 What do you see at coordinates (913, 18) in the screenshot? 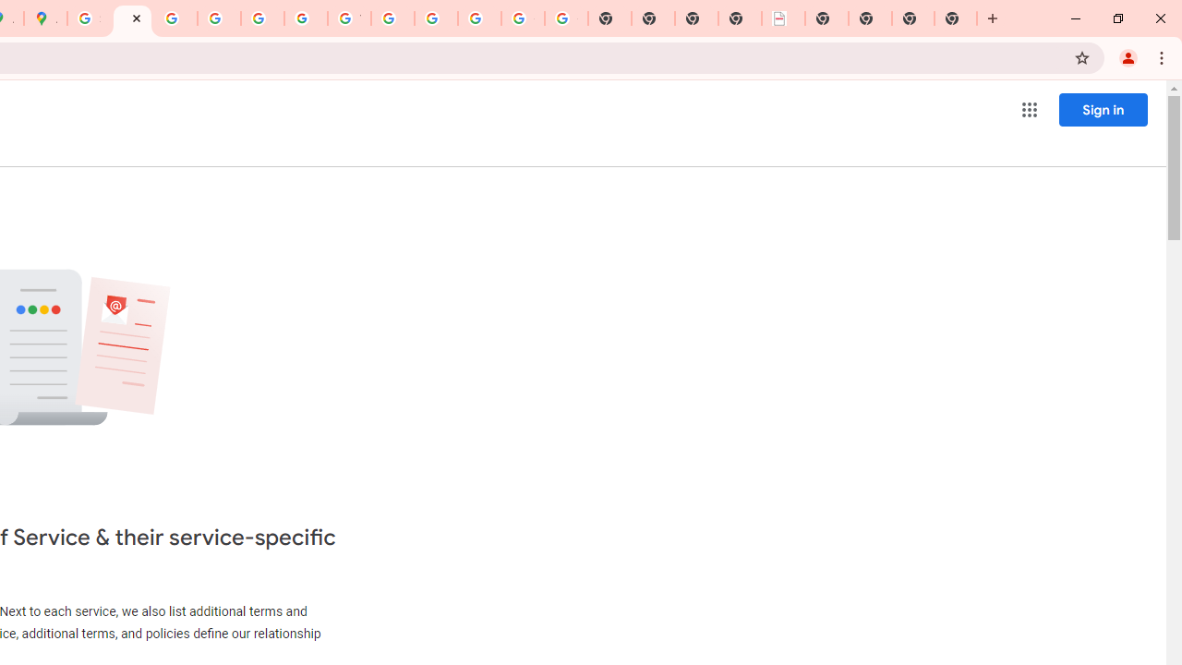
I see `'New Tab'` at bounding box center [913, 18].